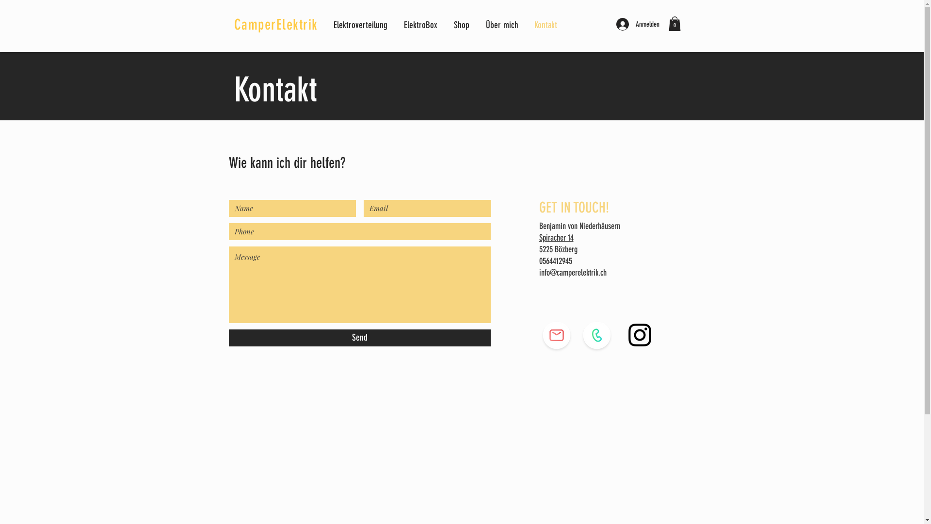 Image resolution: width=931 pixels, height=524 pixels. I want to click on 'Elektroverteilung', so click(360, 24).